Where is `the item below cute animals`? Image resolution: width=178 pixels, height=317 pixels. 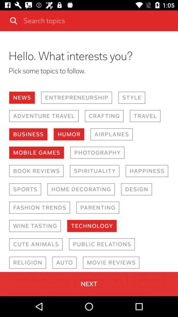
the item below cute animals is located at coordinates (64, 263).